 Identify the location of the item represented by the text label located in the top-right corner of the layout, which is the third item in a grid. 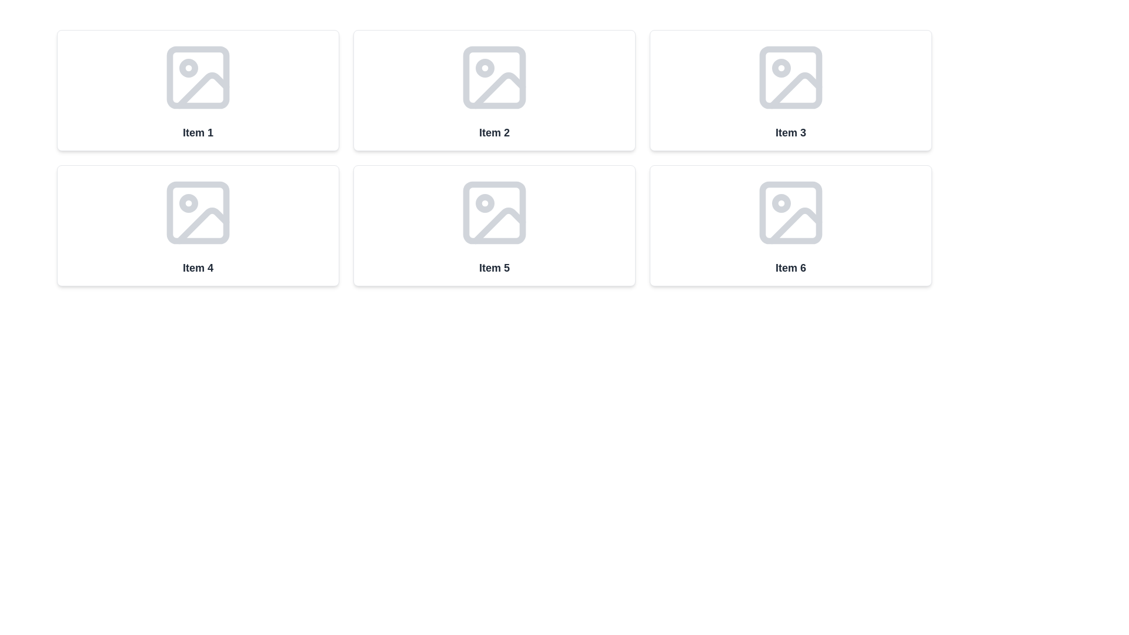
(790, 132).